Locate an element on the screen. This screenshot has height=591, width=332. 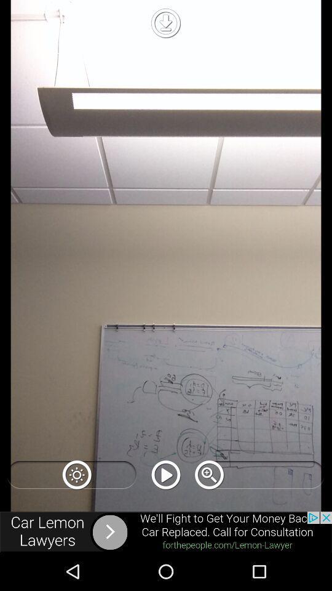
open webpage of displayed advertisement is located at coordinates (166, 531).